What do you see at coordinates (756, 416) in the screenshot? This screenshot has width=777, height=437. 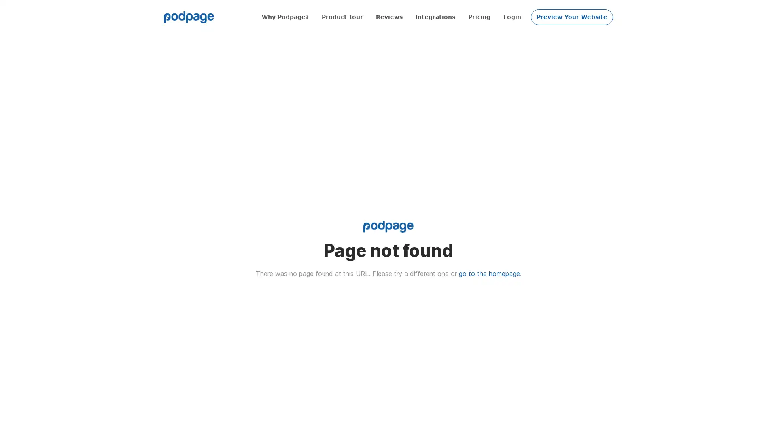 I see `Open Intercom Messenger` at bounding box center [756, 416].